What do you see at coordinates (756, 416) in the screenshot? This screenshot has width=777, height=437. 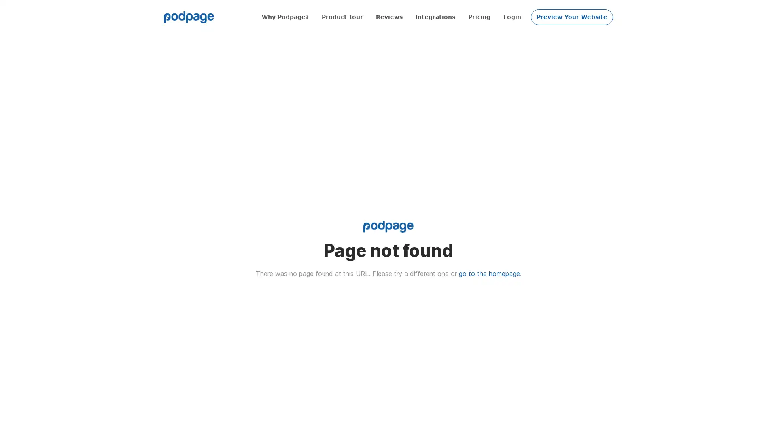 I see `Open Intercom Messenger` at bounding box center [756, 416].